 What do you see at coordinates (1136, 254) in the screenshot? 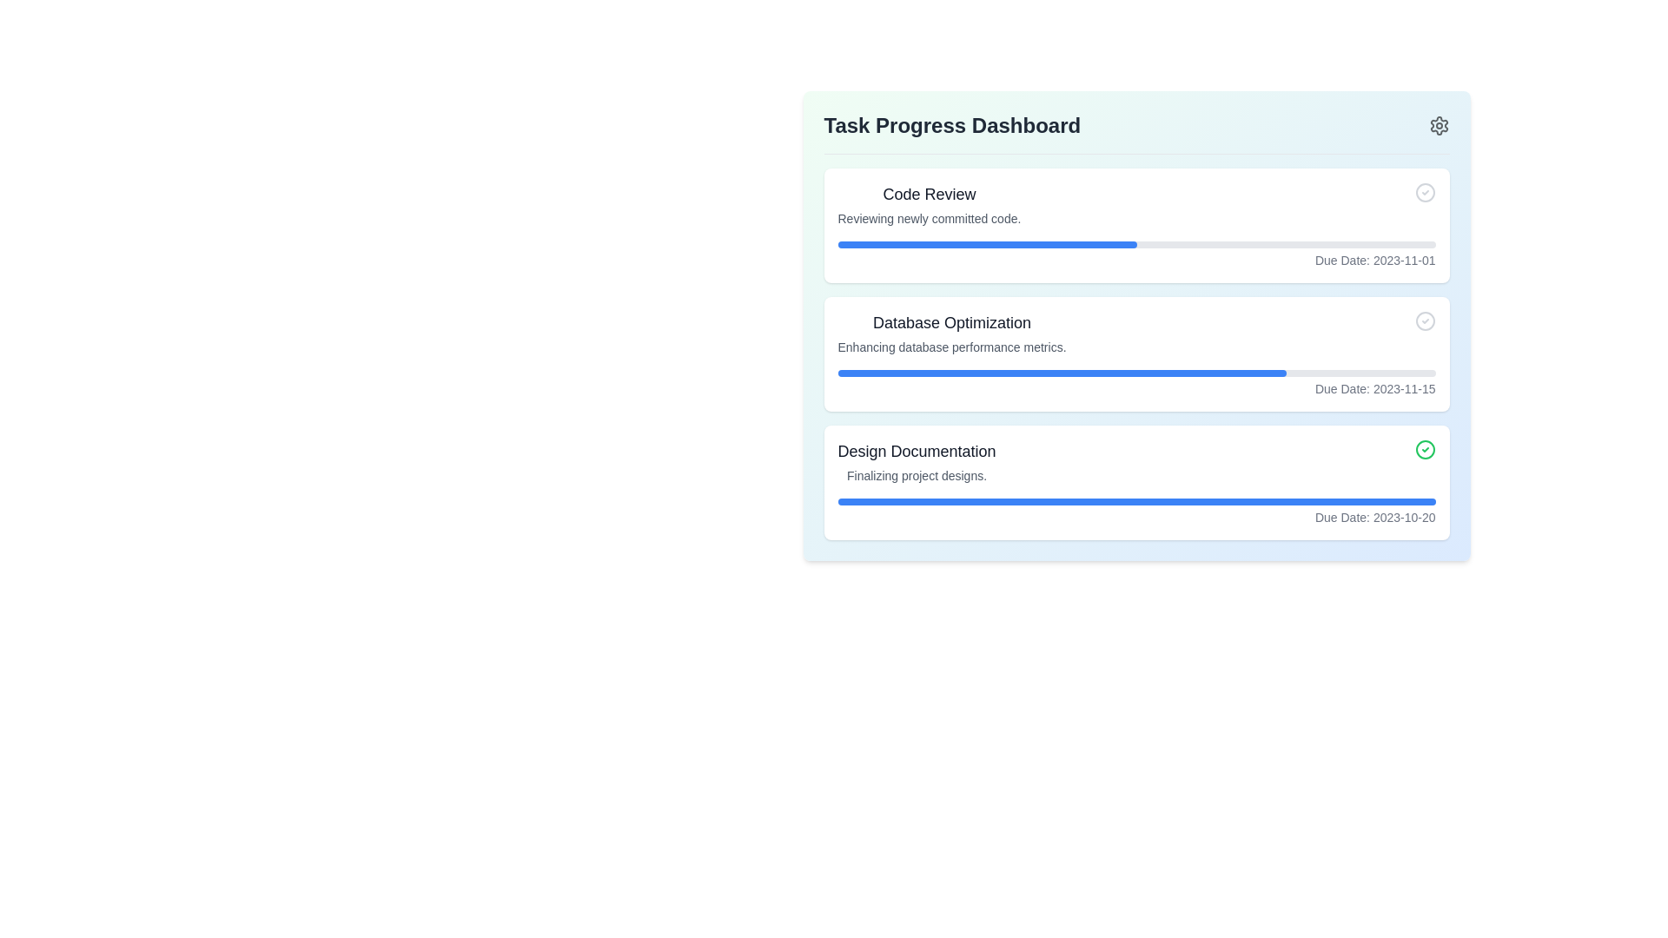
I see `the static text displaying 'Due Date: 2023-11-01' located at the bottom-right section of the 'Code Review' card` at bounding box center [1136, 254].